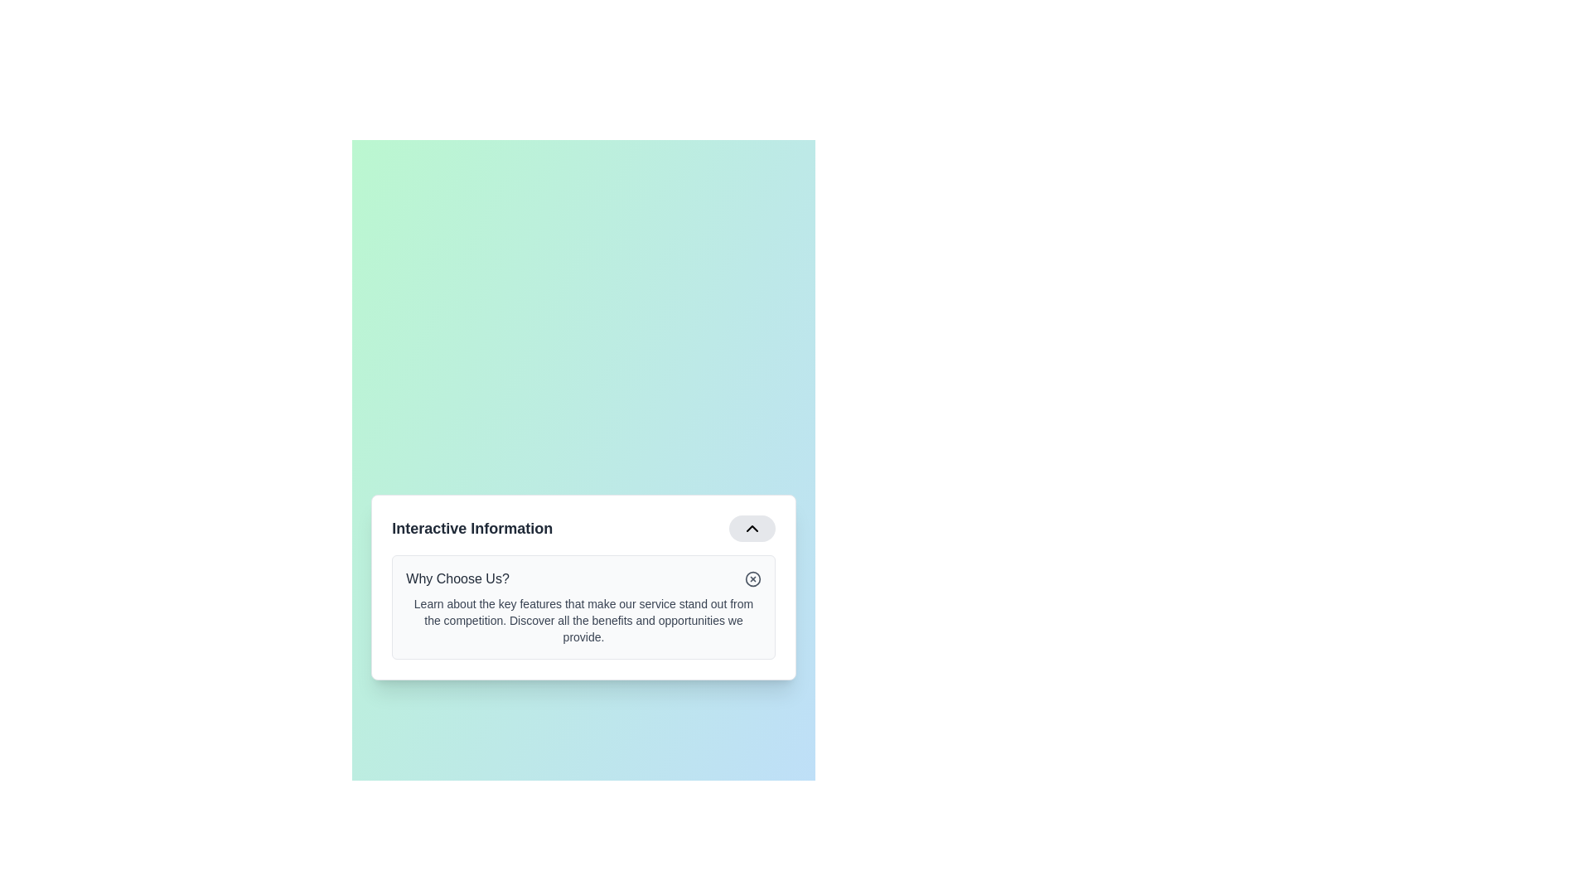  What do you see at coordinates (583, 607) in the screenshot?
I see `information displayed on the informational card titled 'Why Choose Us?' located in the lower half of the 'Interactive Information' section` at bounding box center [583, 607].